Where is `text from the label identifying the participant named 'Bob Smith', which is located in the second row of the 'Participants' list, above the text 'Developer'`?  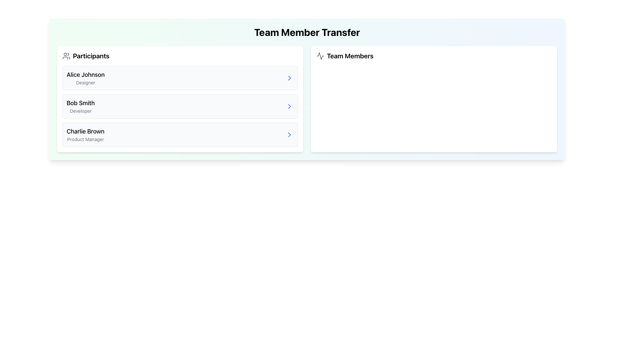 text from the label identifying the participant named 'Bob Smith', which is located in the second row of the 'Participants' list, above the text 'Developer' is located at coordinates (80, 103).